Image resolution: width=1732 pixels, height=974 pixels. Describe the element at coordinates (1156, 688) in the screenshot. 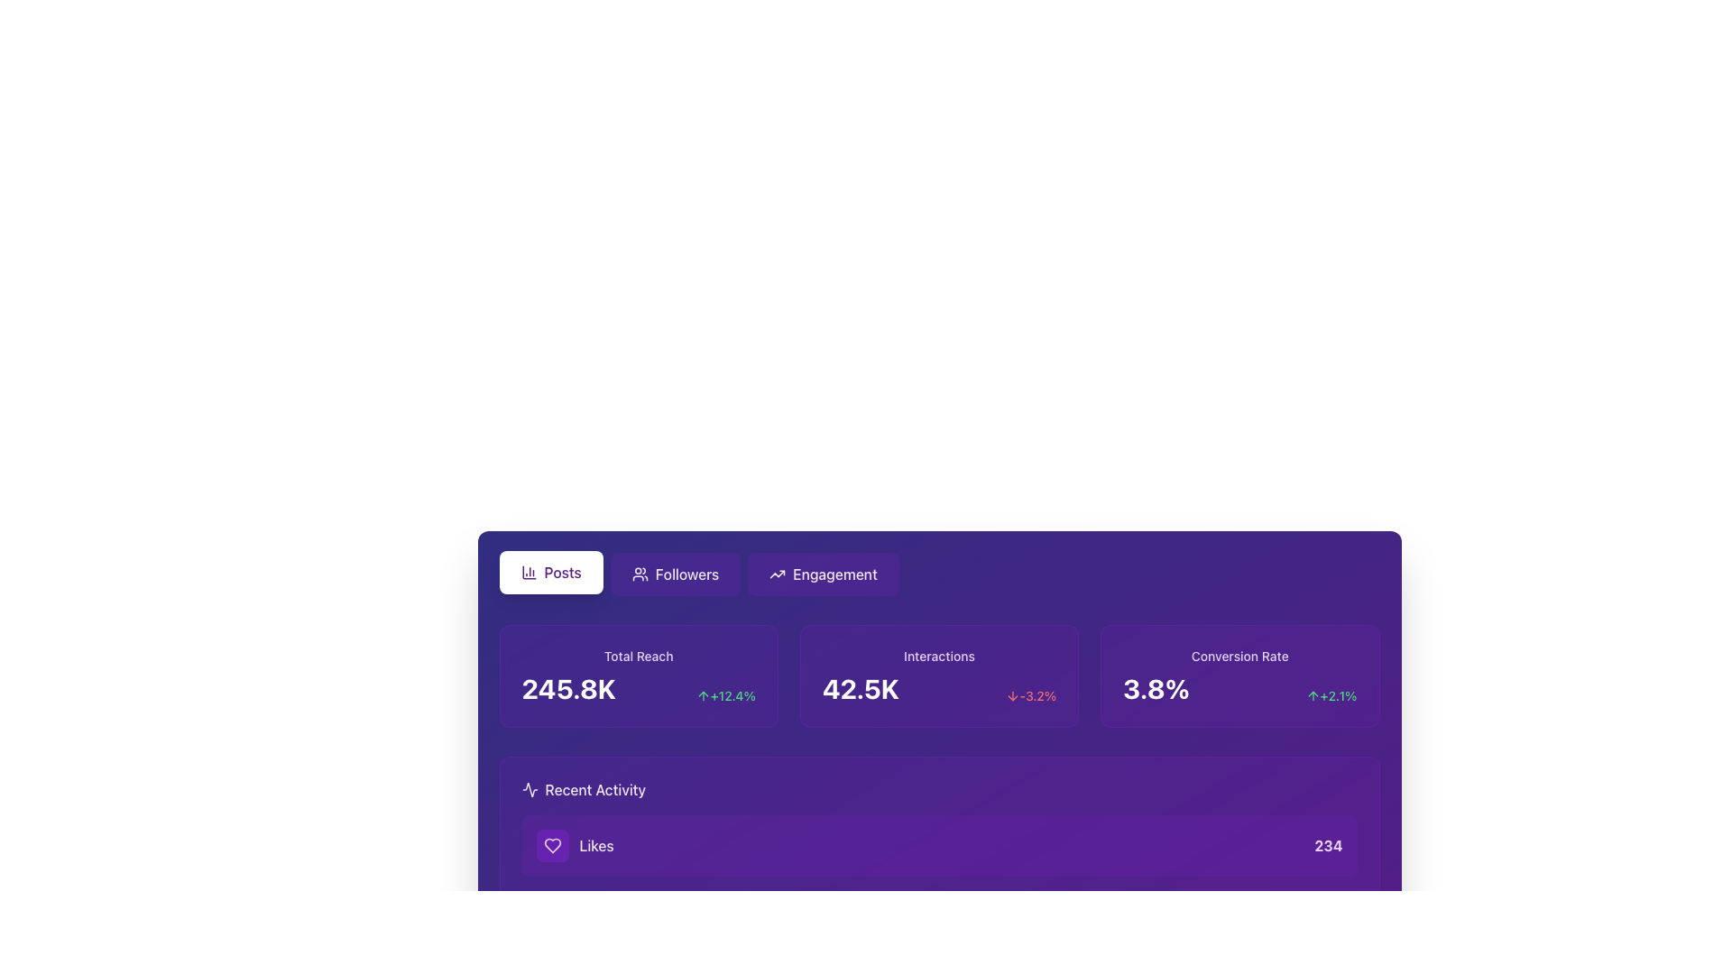

I see `the text label displaying '3.8%' in bold, large, white font, located in the 'Conversion Rate' card against a purple background` at that location.